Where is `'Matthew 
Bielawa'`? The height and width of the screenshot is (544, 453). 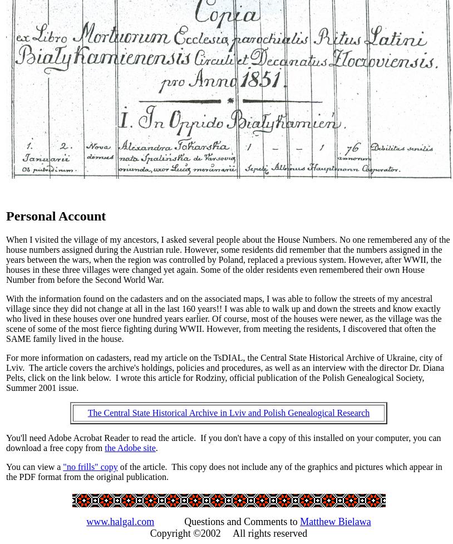
'Matthew 
Bielawa' is located at coordinates (334, 520).